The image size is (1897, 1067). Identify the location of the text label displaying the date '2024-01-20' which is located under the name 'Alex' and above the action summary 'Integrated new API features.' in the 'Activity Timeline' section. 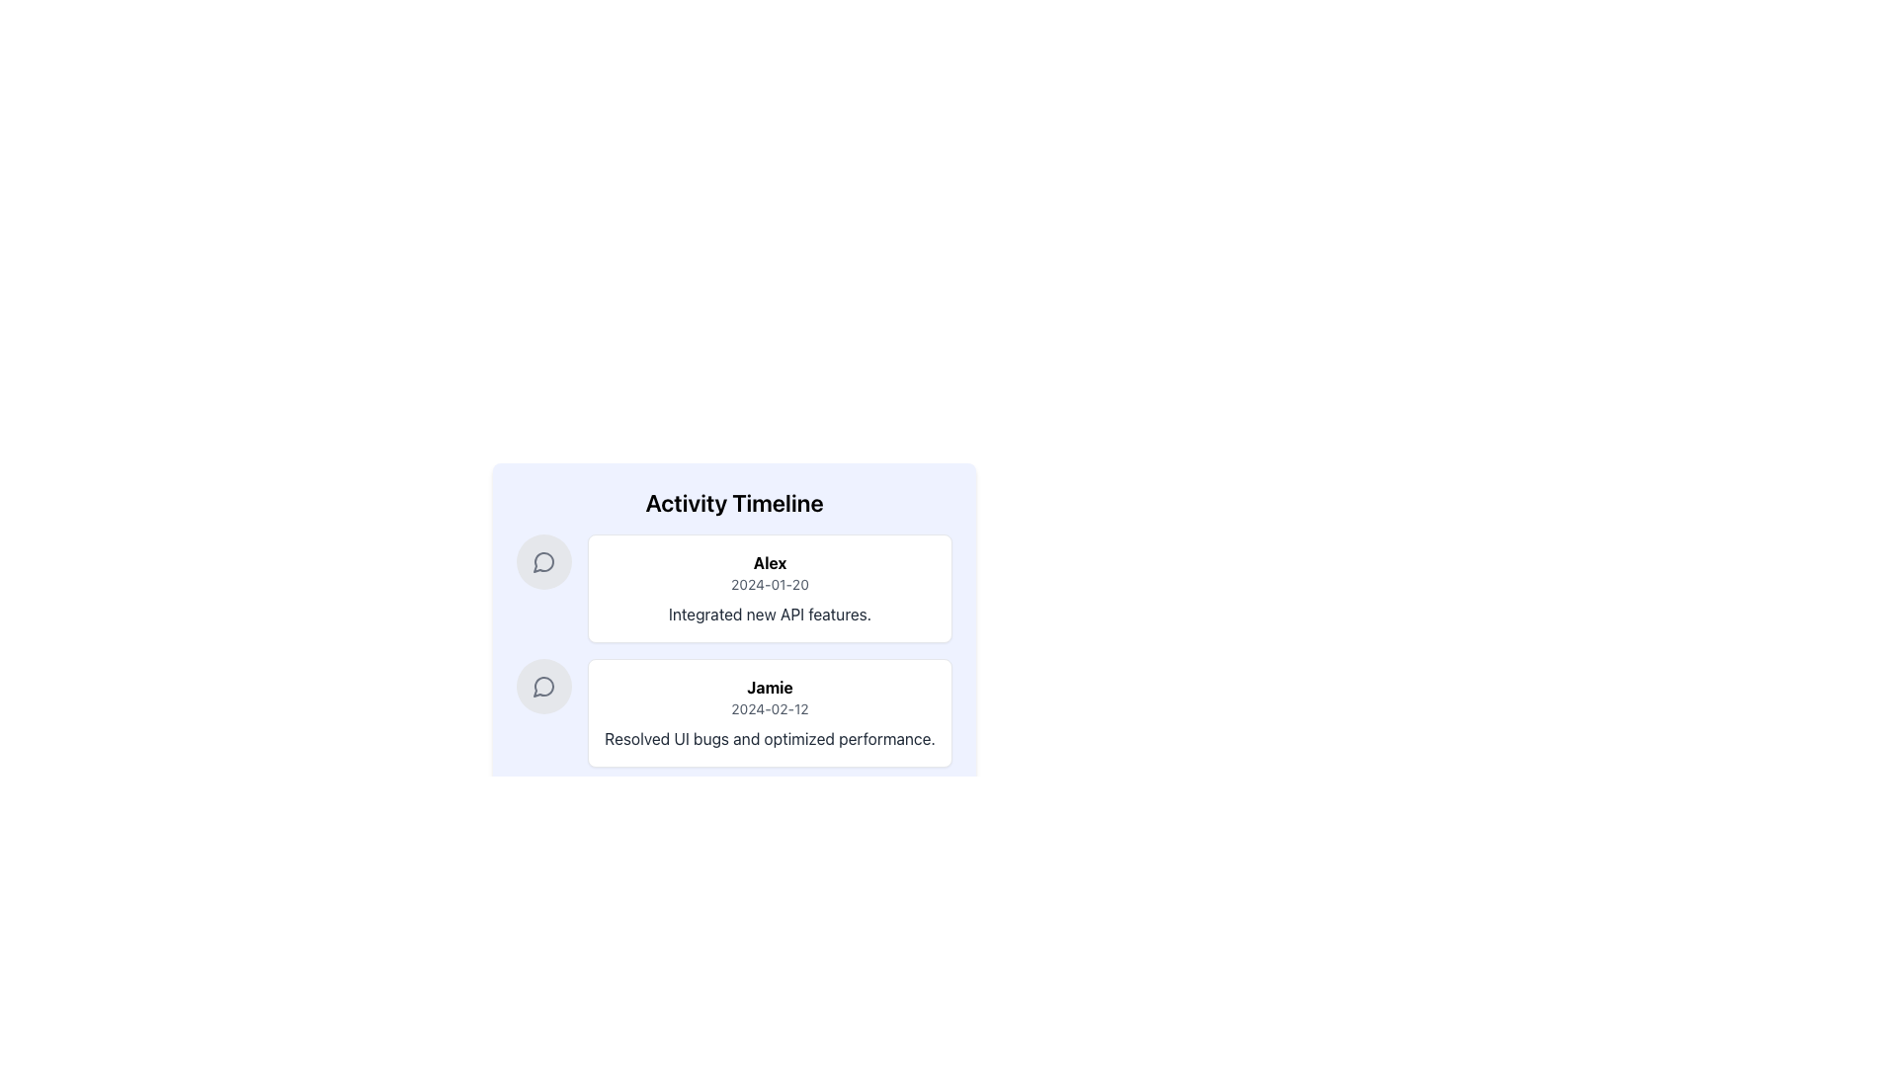
(769, 583).